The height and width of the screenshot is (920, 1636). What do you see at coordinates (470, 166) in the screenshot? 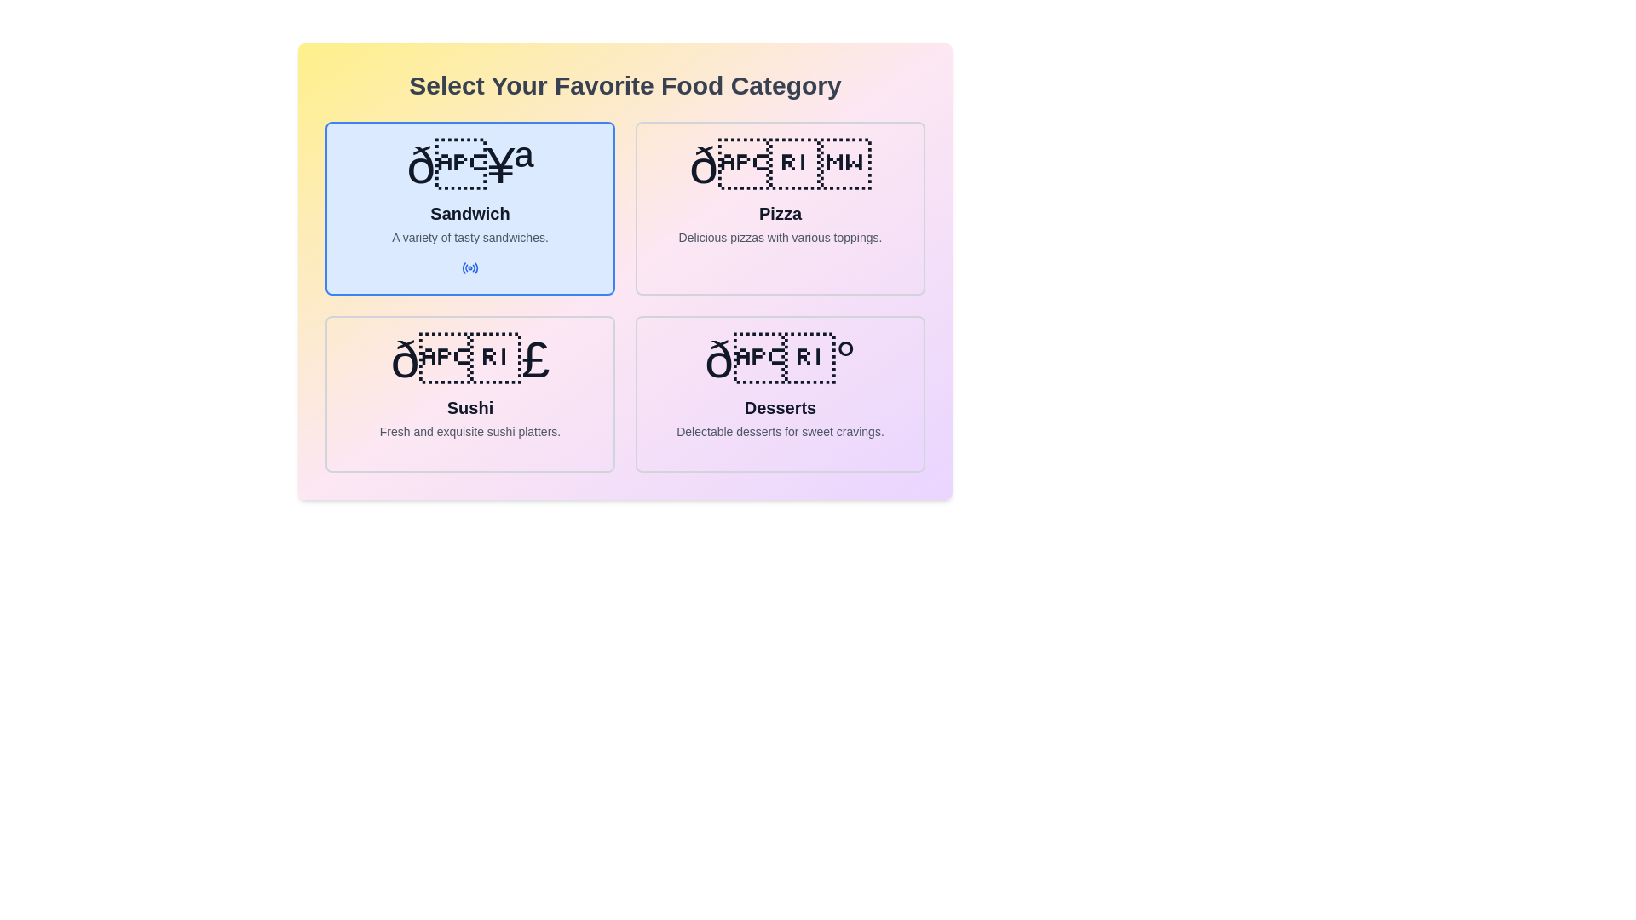
I see `the decorative icon associated with the 'Sandwich' category, which is located at the center upper portion of the blue card representing this category` at bounding box center [470, 166].